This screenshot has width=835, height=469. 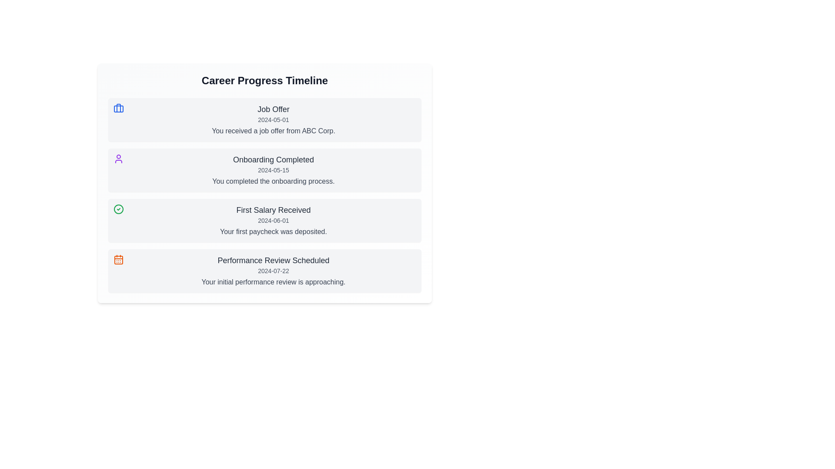 What do you see at coordinates (273, 260) in the screenshot?
I see `the text label displaying 'Performance Review Scheduled', which is located in the central content area of the interface in the fourth row of the timeline section` at bounding box center [273, 260].